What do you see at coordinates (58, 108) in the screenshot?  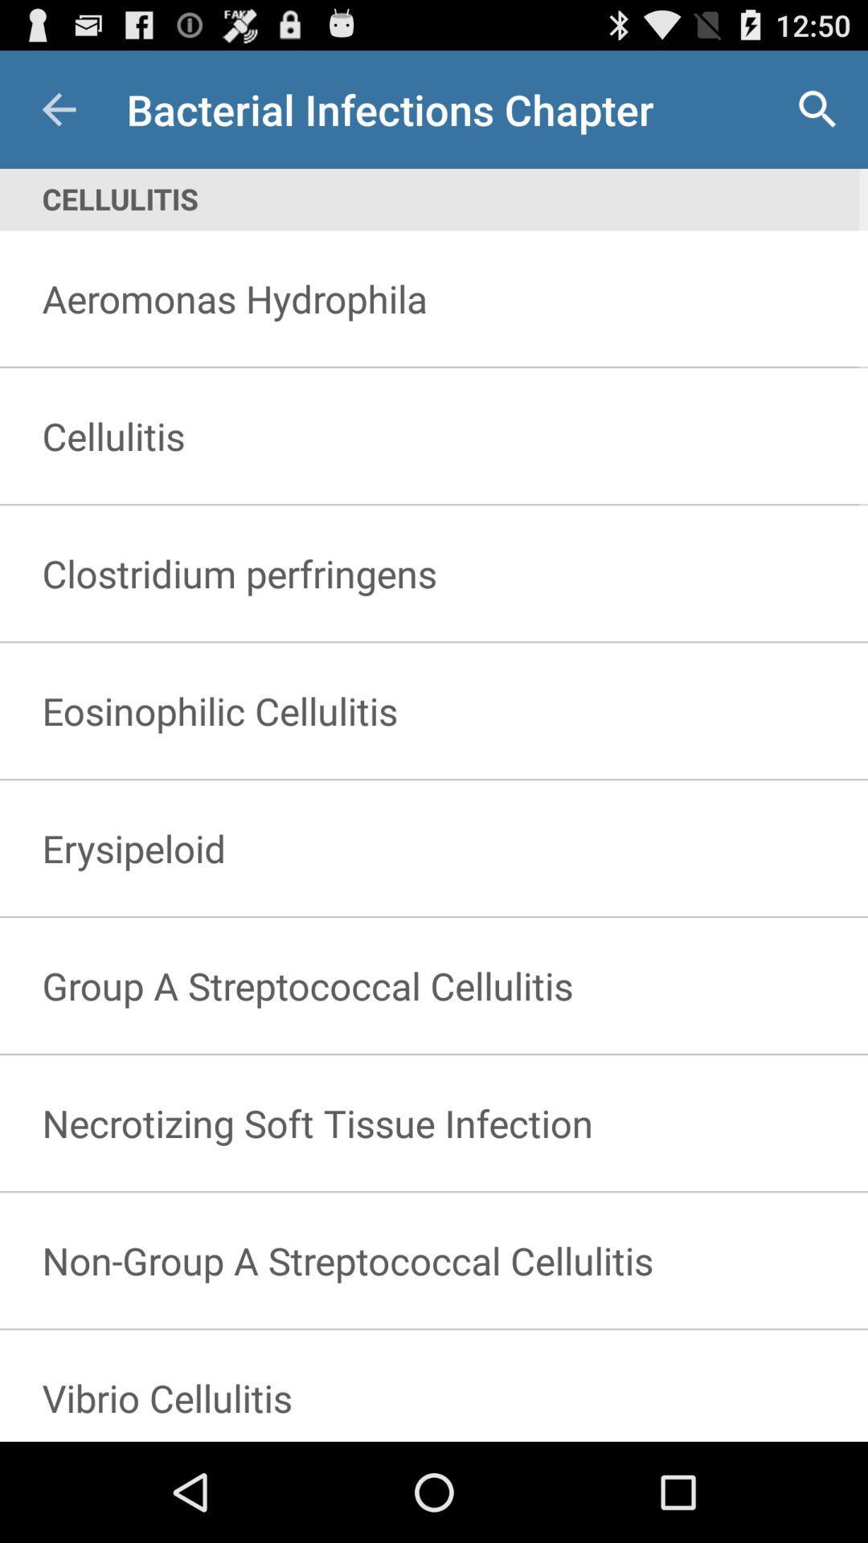 I see `item above cellulitis` at bounding box center [58, 108].